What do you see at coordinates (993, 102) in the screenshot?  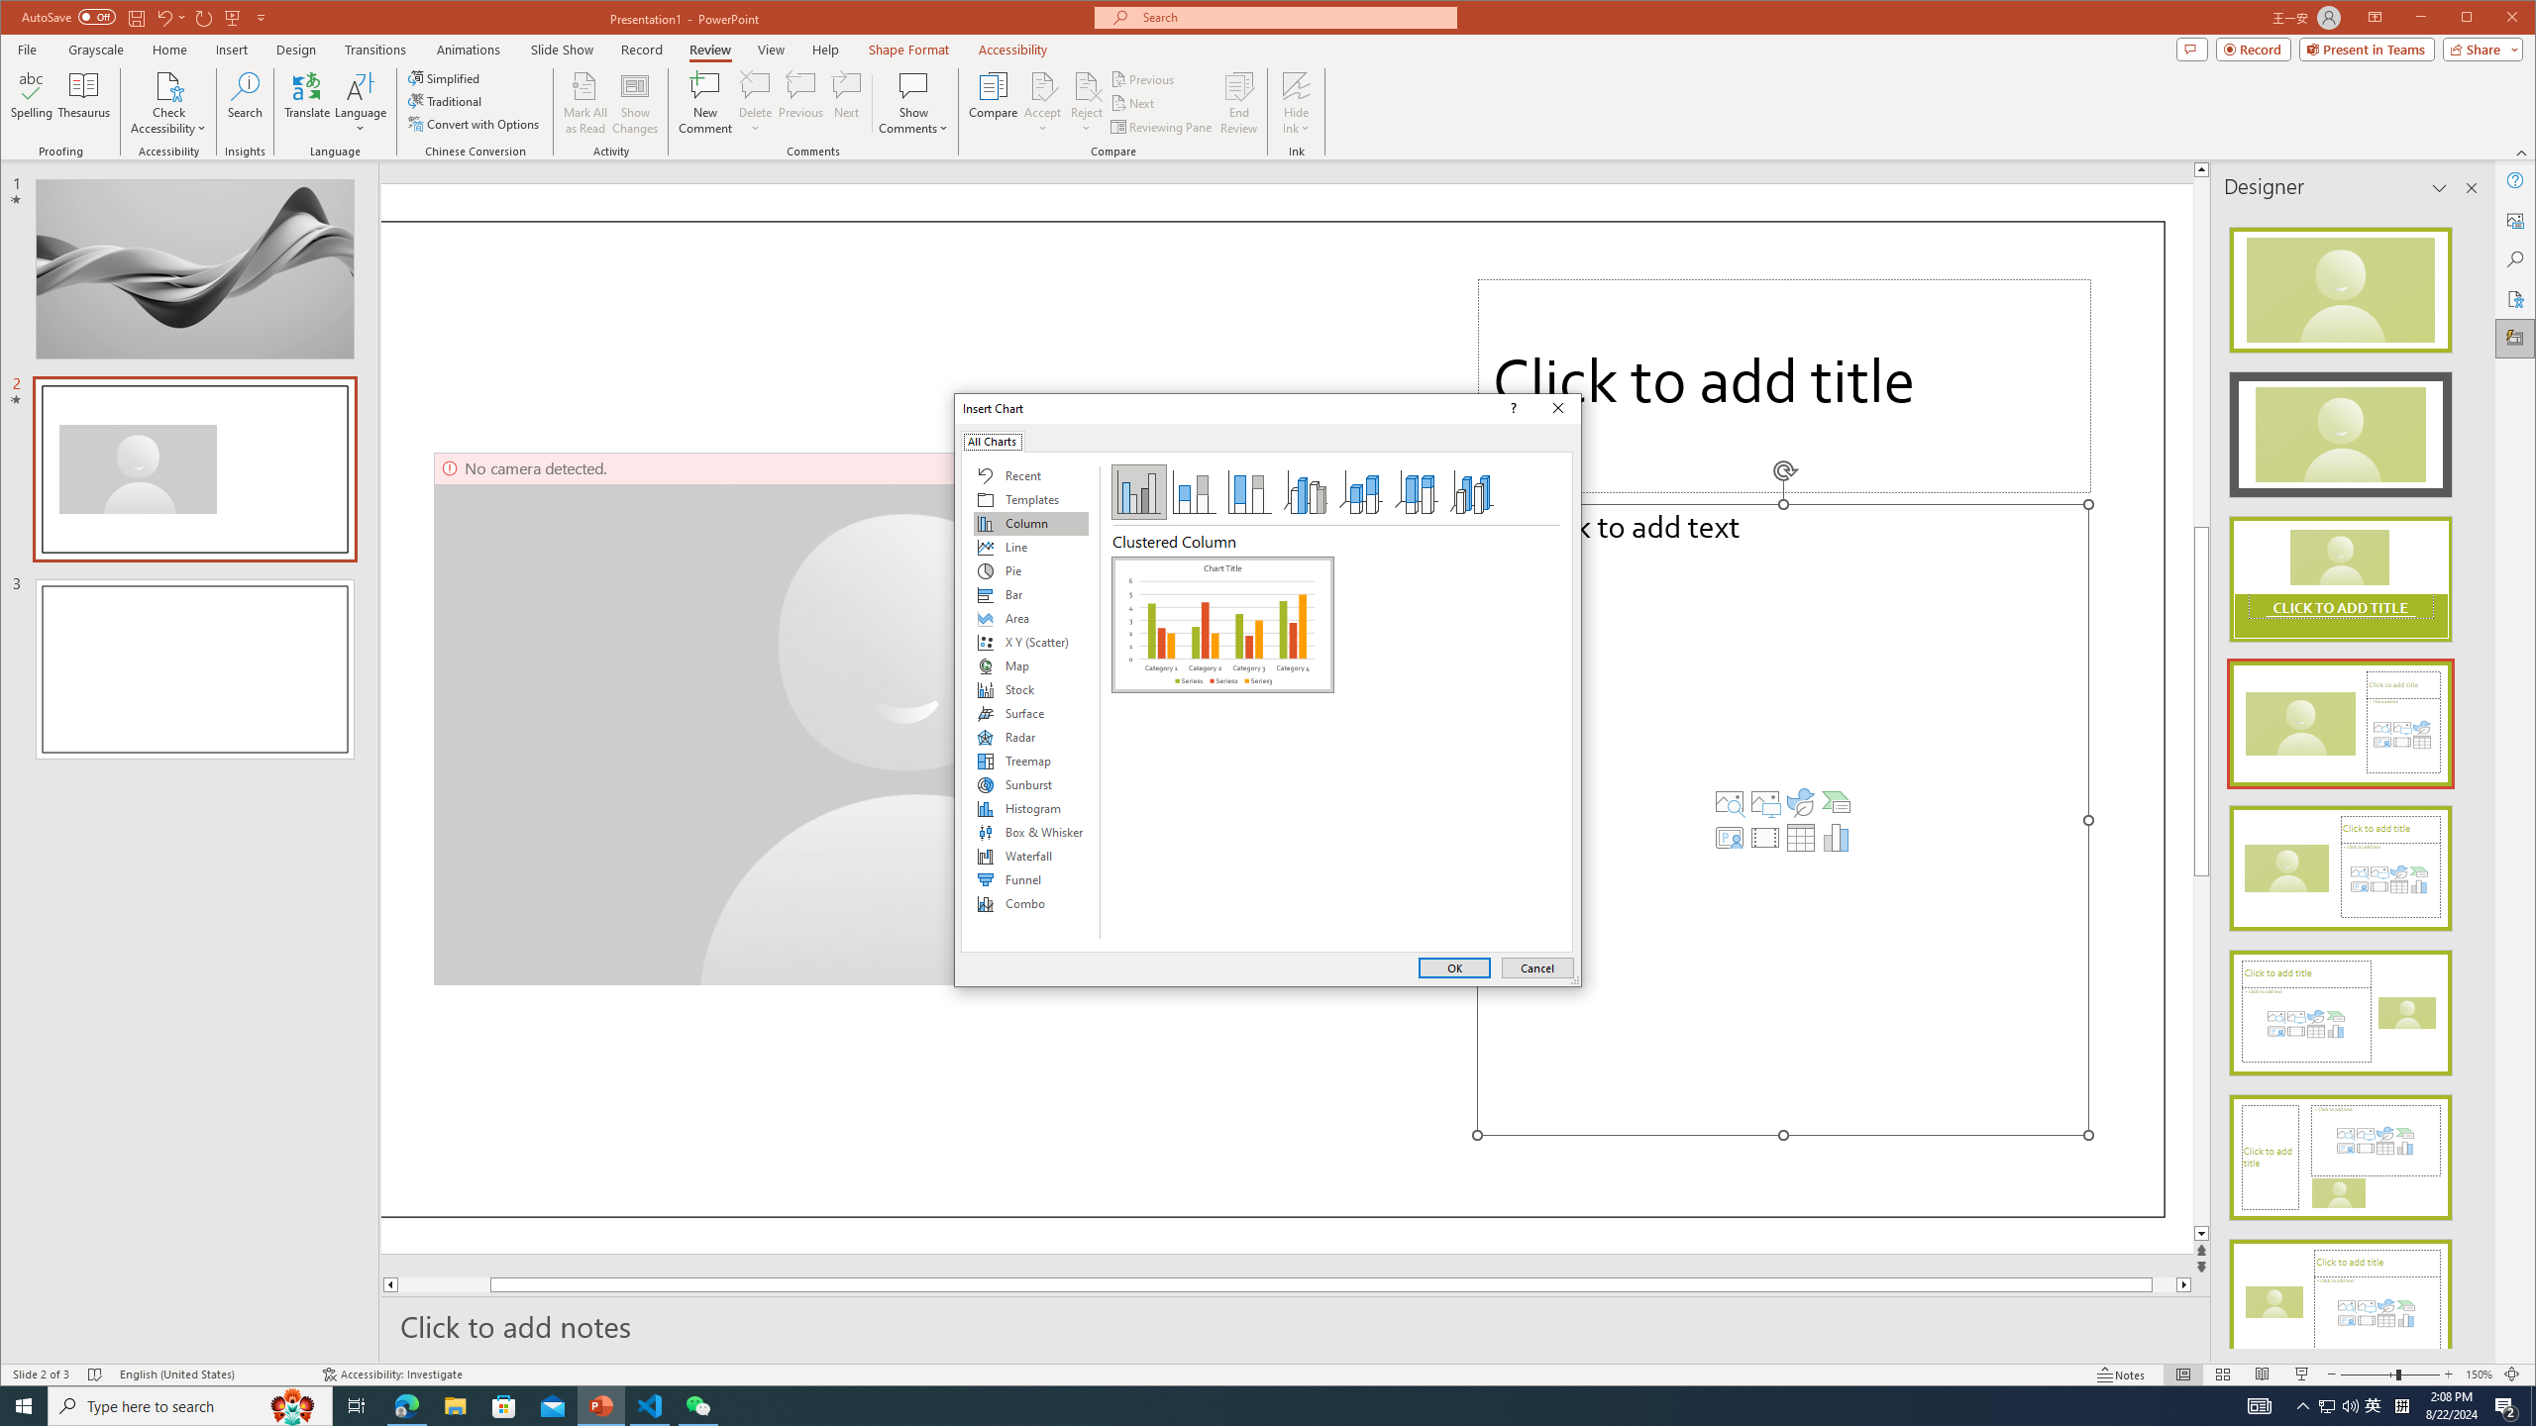 I see `'Compare'` at bounding box center [993, 102].